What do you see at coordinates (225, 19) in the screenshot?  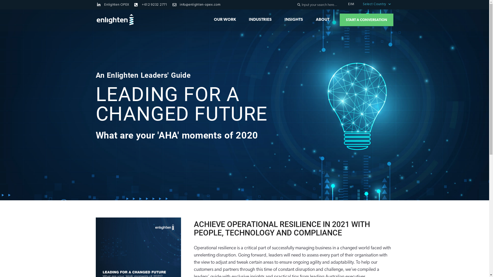 I see `'OUR WORK'` at bounding box center [225, 19].